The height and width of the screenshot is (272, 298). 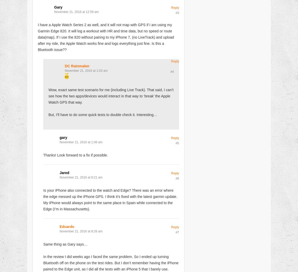 What do you see at coordinates (58, 7) in the screenshot?
I see `'Gary'` at bounding box center [58, 7].